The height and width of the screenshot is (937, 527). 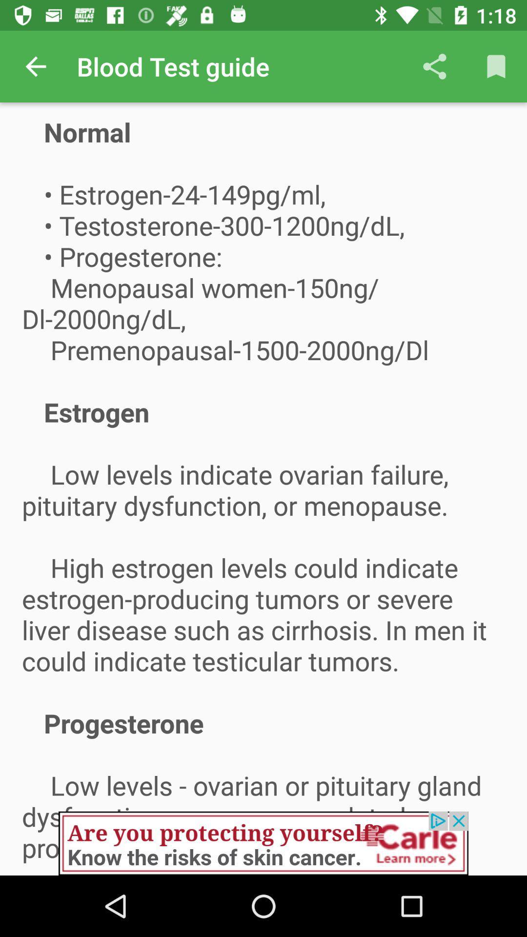 What do you see at coordinates (263, 843) in the screenshot?
I see `advertisement` at bounding box center [263, 843].